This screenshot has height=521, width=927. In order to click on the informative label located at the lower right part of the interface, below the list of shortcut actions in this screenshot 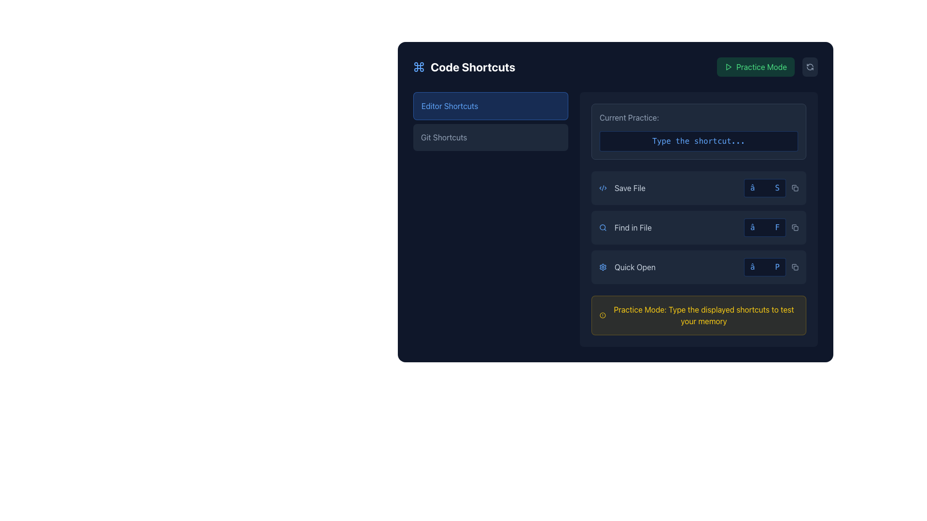, I will do `click(704, 315)`.